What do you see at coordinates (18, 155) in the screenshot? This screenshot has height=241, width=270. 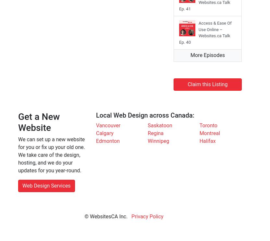 I see `'We can set up a new website for you or fix up your old one. We take care of the design, hosting, and we do your updates for you year-round.'` at bounding box center [18, 155].